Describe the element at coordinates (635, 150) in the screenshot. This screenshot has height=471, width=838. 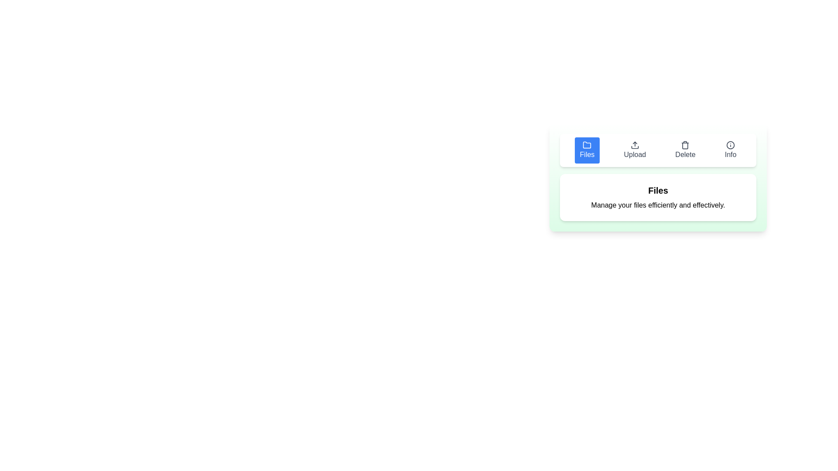
I see `the Upload tab by clicking on it` at that location.